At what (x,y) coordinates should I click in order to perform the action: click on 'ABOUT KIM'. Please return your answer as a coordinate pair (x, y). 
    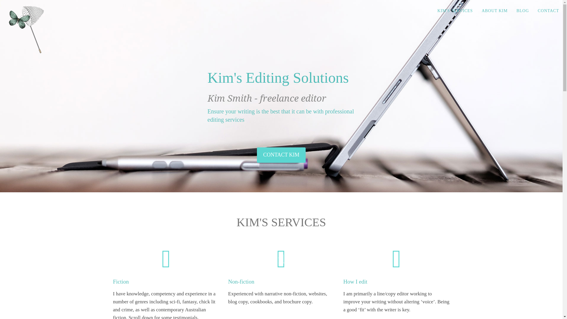
    Looking at the image, I should click on (477, 11).